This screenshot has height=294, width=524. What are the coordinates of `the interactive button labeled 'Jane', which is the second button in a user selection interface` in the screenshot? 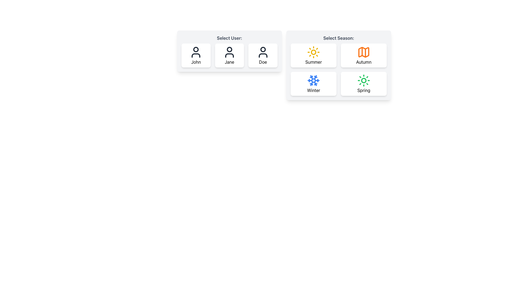 It's located at (229, 51).